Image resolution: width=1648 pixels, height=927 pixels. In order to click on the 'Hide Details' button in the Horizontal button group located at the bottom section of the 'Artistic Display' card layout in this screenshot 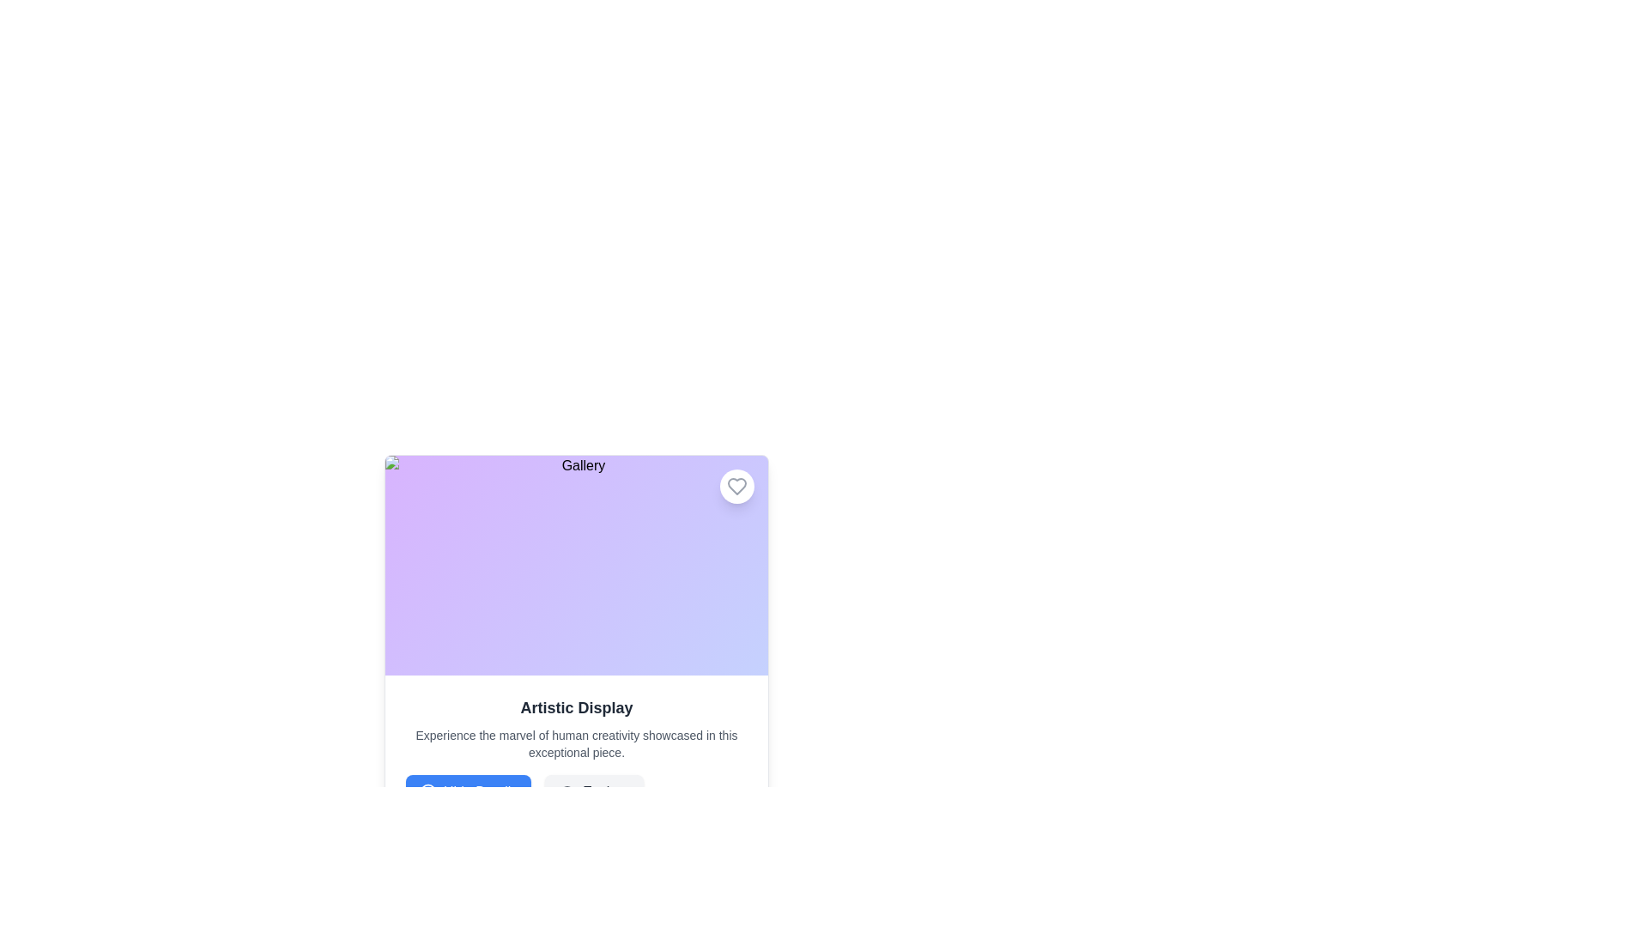, I will do `click(577, 791)`.